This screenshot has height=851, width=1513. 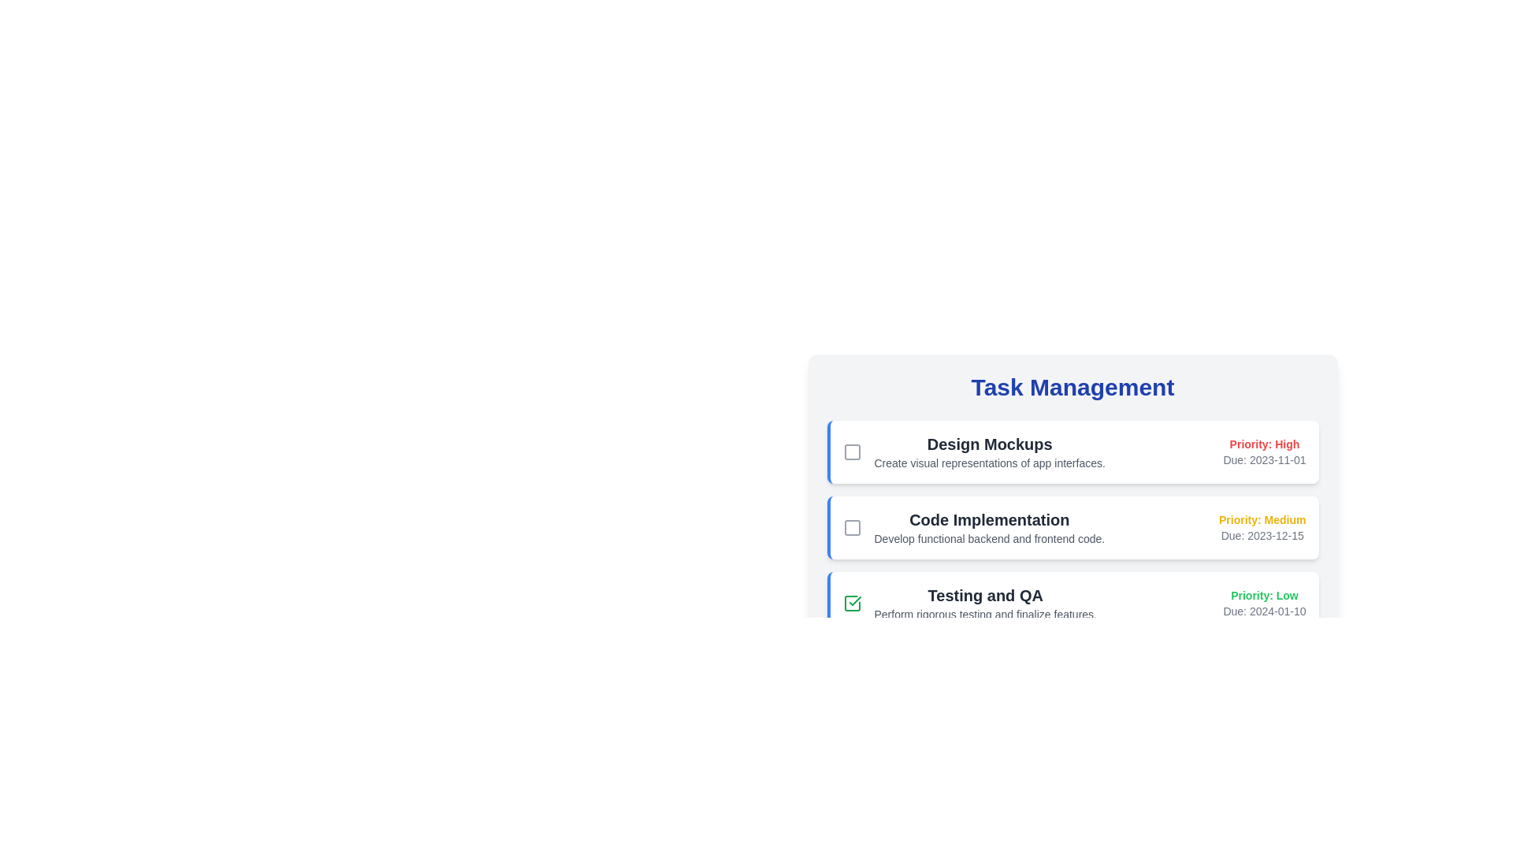 What do you see at coordinates (988, 519) in the screenshot?
I see `heading text labeled 'Code Implementation' which is displayed in bold and styled as a prominent header within the task list` at bounding box center [988, 519].